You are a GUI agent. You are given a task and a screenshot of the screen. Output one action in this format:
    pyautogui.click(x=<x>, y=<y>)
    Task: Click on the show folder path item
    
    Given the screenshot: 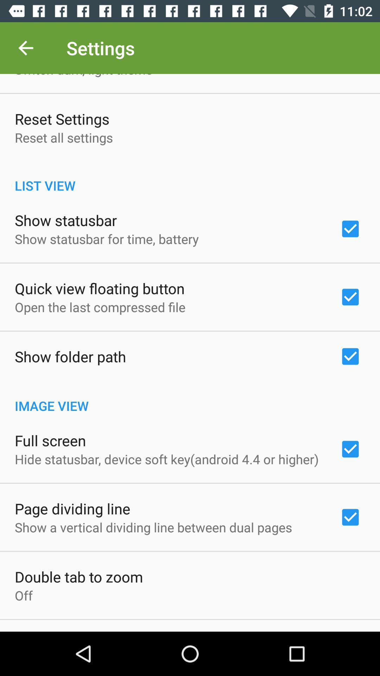 What is the action you would take?
    pyautogui.click(x=70, y=356)
    